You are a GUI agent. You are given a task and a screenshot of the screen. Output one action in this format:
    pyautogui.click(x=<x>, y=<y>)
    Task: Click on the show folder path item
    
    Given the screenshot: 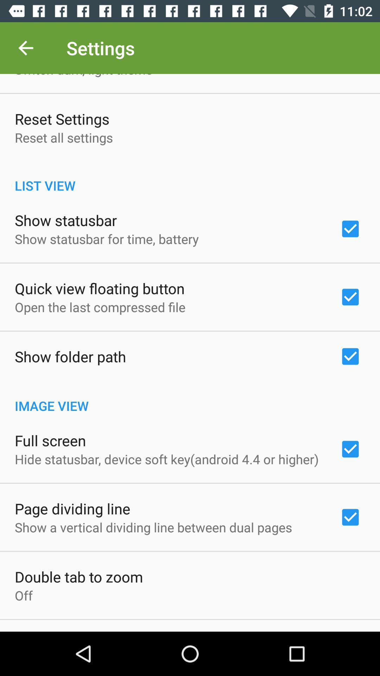 What is the action you would take?
    pyautogui.click(x=70, y=356)
    